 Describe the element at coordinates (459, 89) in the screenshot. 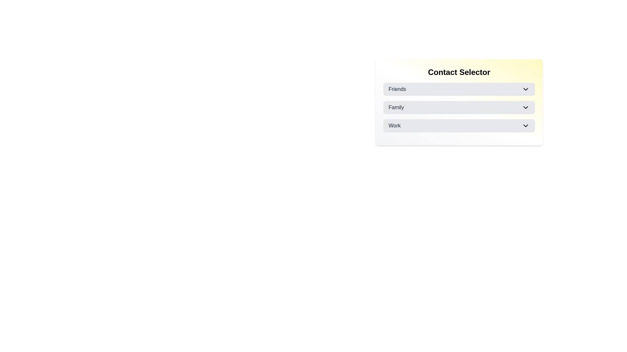

I see `the Dropdown selector labeled 'Friends' which is the first item below the 'Contact Selector' heading` at that location.